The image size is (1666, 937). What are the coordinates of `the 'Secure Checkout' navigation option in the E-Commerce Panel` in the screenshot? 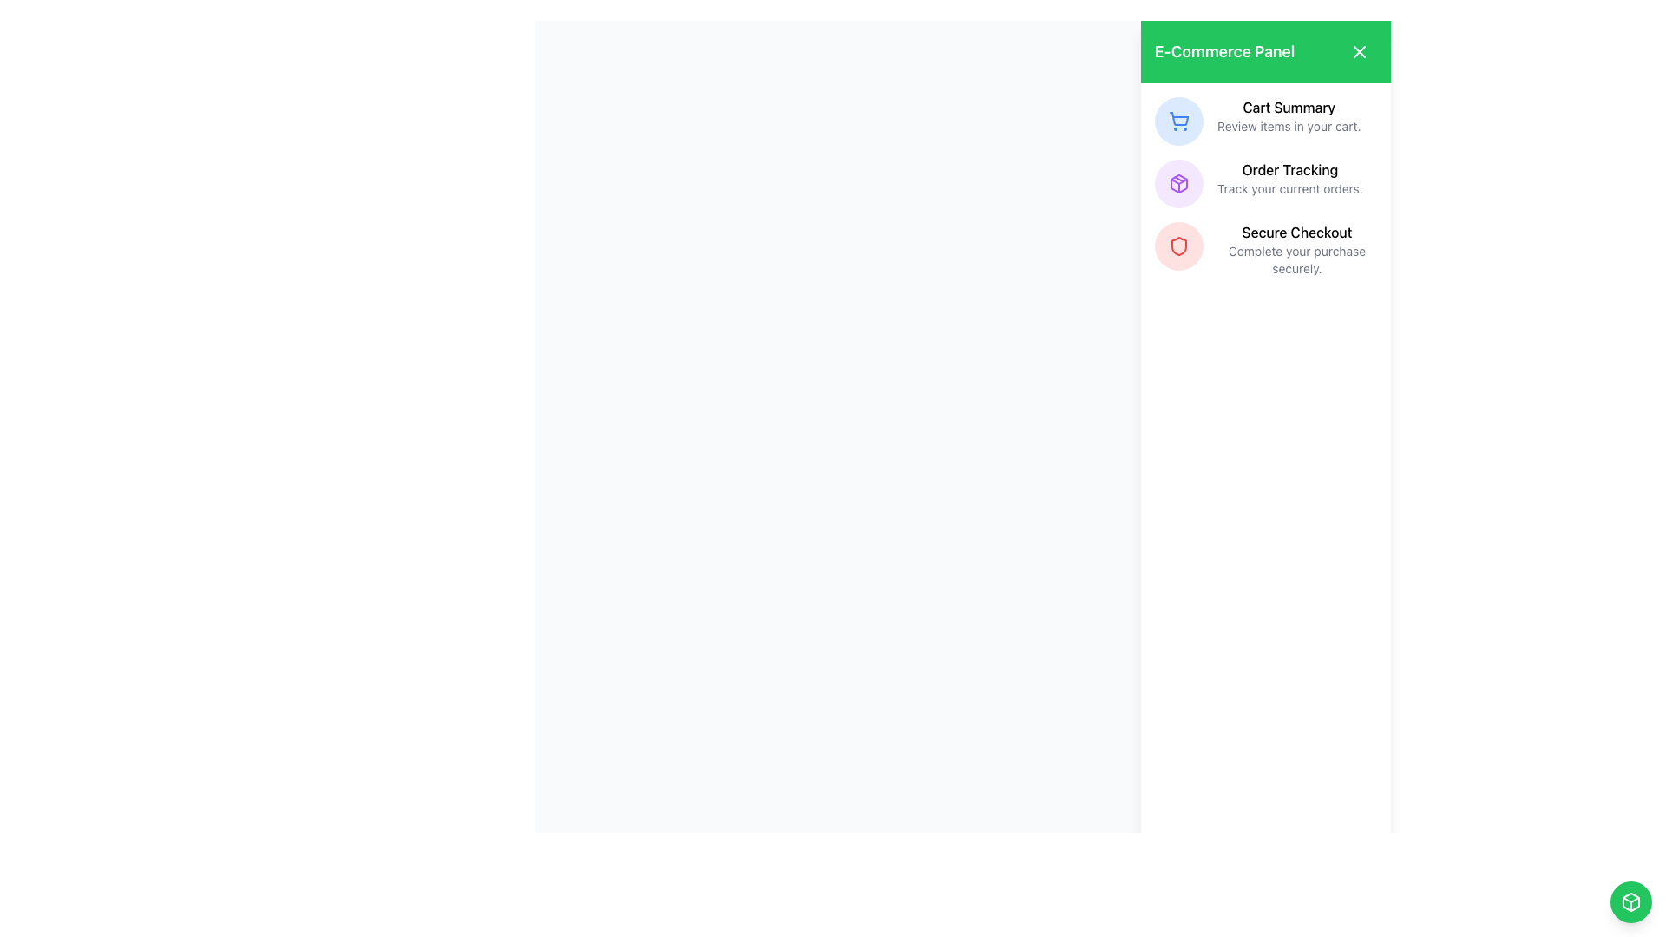 It's located at (1266, 250).